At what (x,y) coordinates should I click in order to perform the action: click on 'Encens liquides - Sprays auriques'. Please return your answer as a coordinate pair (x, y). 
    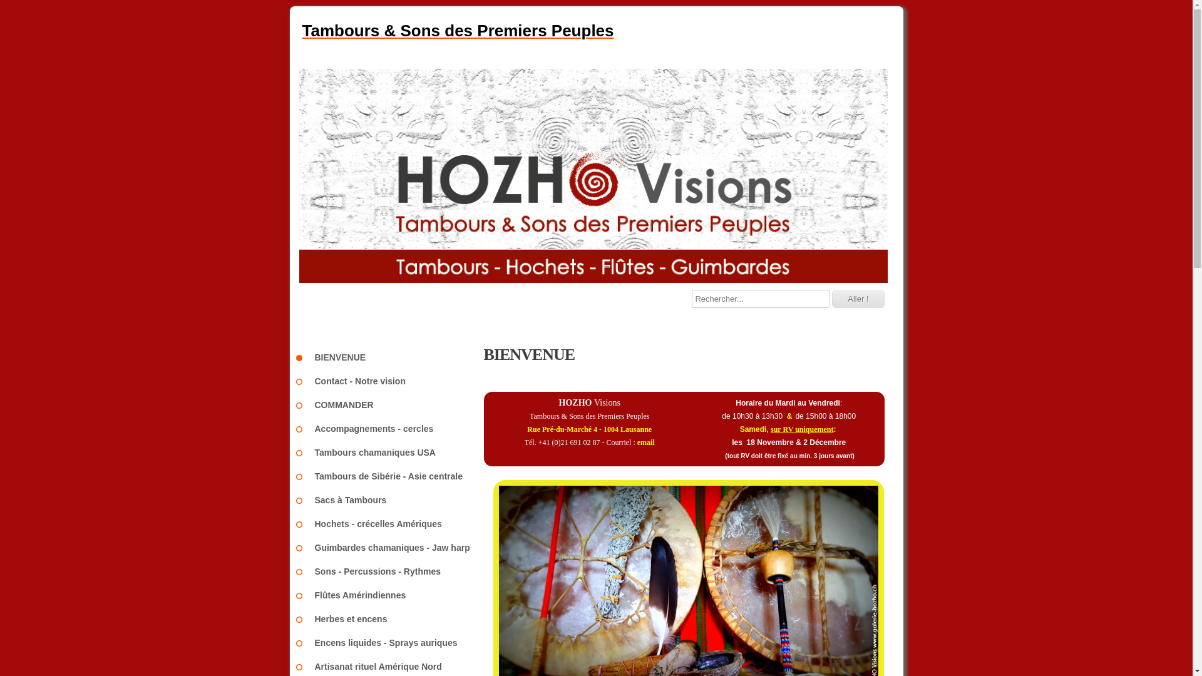
    Looking at the image, I should click on (389, 642).